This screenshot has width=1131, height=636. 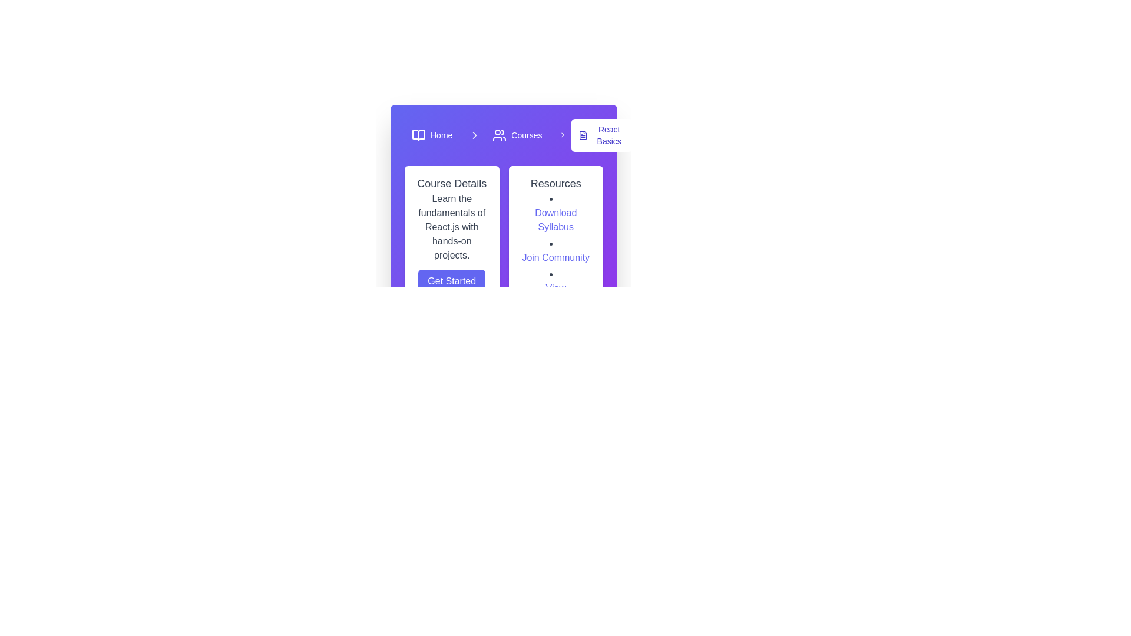 I want to click on a hyperlink, so click(x=555, y=250).